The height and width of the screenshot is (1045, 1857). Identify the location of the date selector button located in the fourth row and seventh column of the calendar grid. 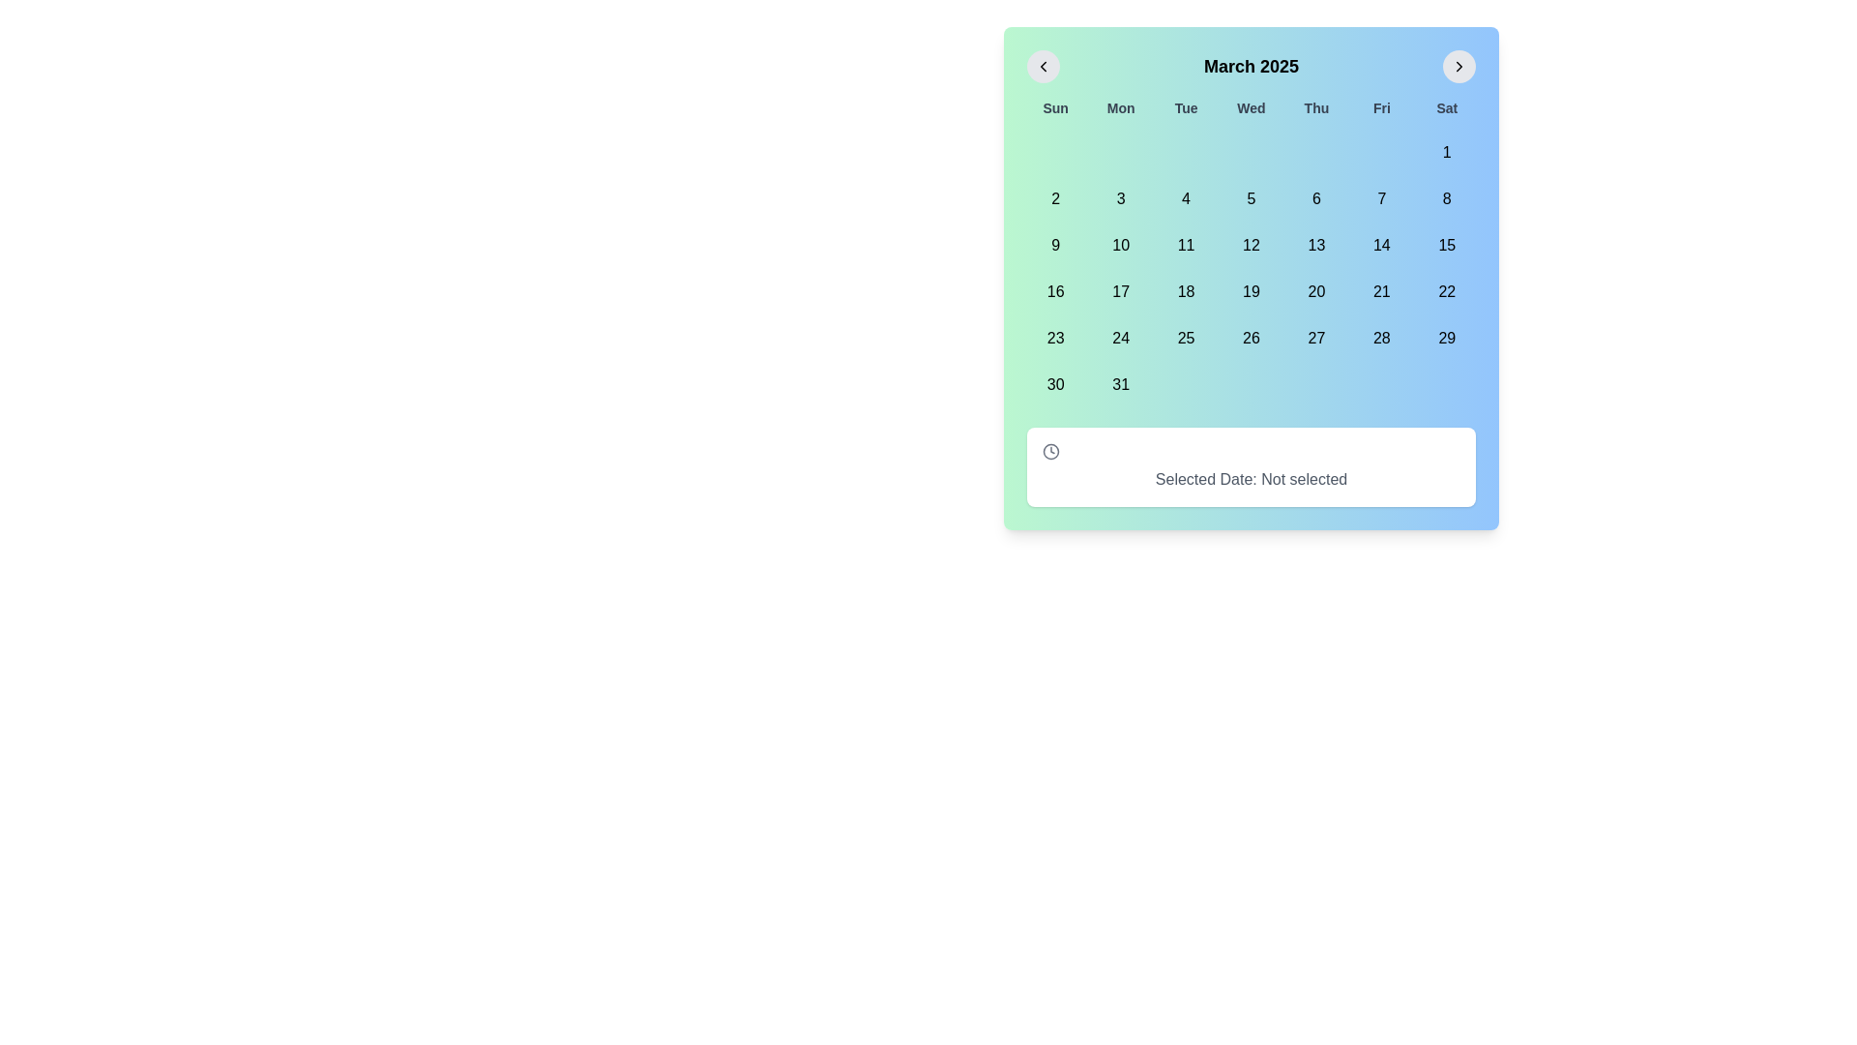
(1447, 291).